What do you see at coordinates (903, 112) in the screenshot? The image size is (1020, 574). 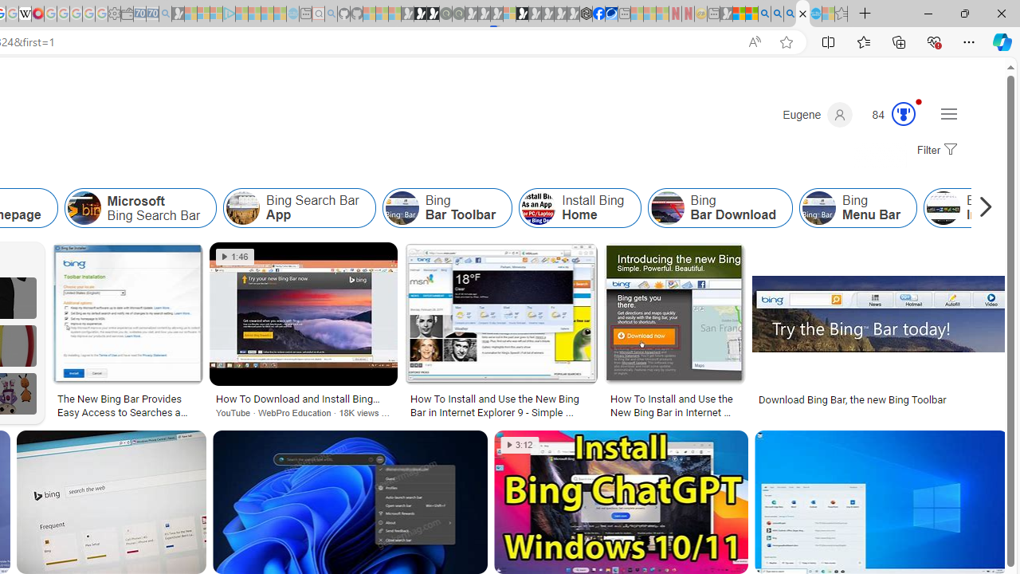 I see `'AutomationID: serp_medal_svg'` at bounding box center [903, 112].